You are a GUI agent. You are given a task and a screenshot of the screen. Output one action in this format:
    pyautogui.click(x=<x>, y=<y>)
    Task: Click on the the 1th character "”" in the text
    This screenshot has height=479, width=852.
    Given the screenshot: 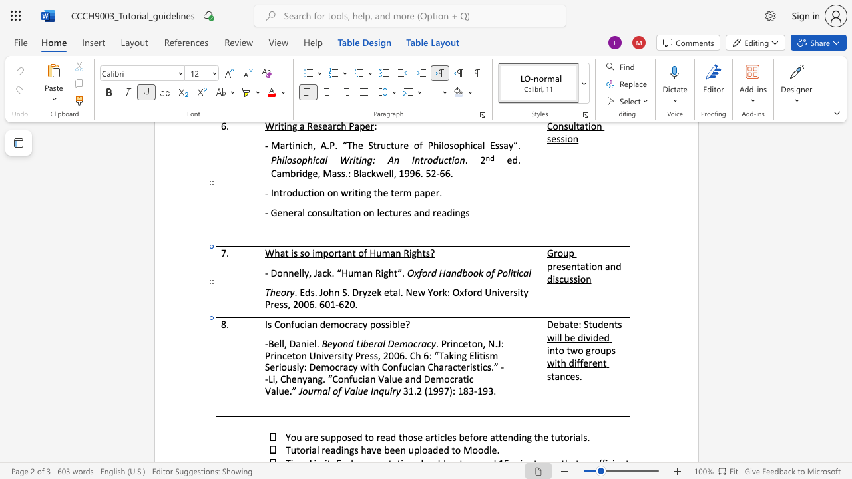 What is the action you would take?
    pyautogui.click(x=399, y=272)
    